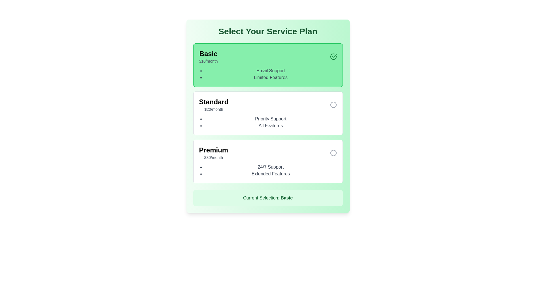  What do you see at coordinates (333, 105) in the screenshot?
I see `the SVG circle graphic that represents the 'Standard' option for selecting a service plan` at bounding box center [333, 105].